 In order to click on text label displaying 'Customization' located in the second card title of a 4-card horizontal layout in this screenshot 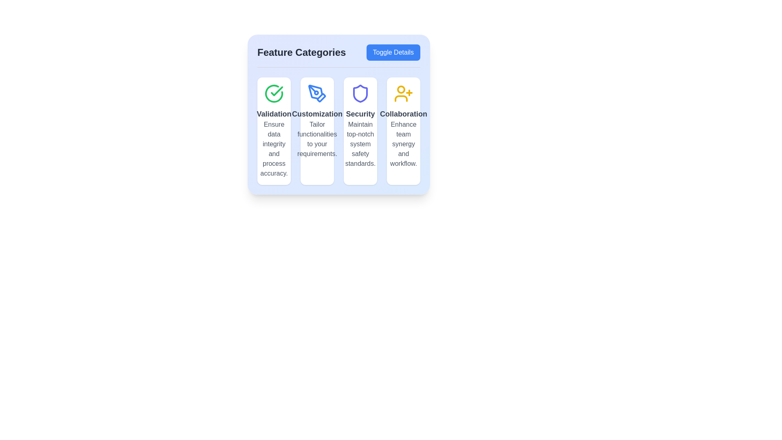, I will do `click(316, 114)`.